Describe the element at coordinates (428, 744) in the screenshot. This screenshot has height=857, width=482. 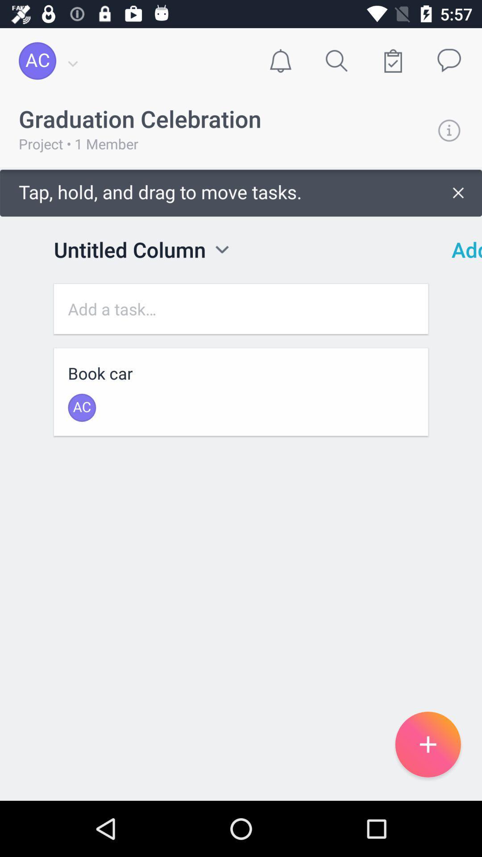
I see `the add icon` at that location.